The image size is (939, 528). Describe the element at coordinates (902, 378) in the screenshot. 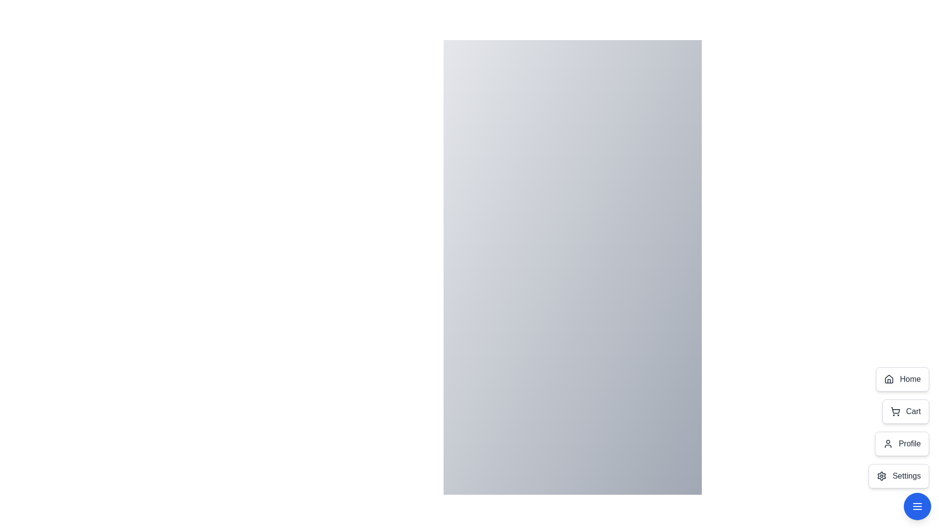

I see `the Home navigation button` at that location.